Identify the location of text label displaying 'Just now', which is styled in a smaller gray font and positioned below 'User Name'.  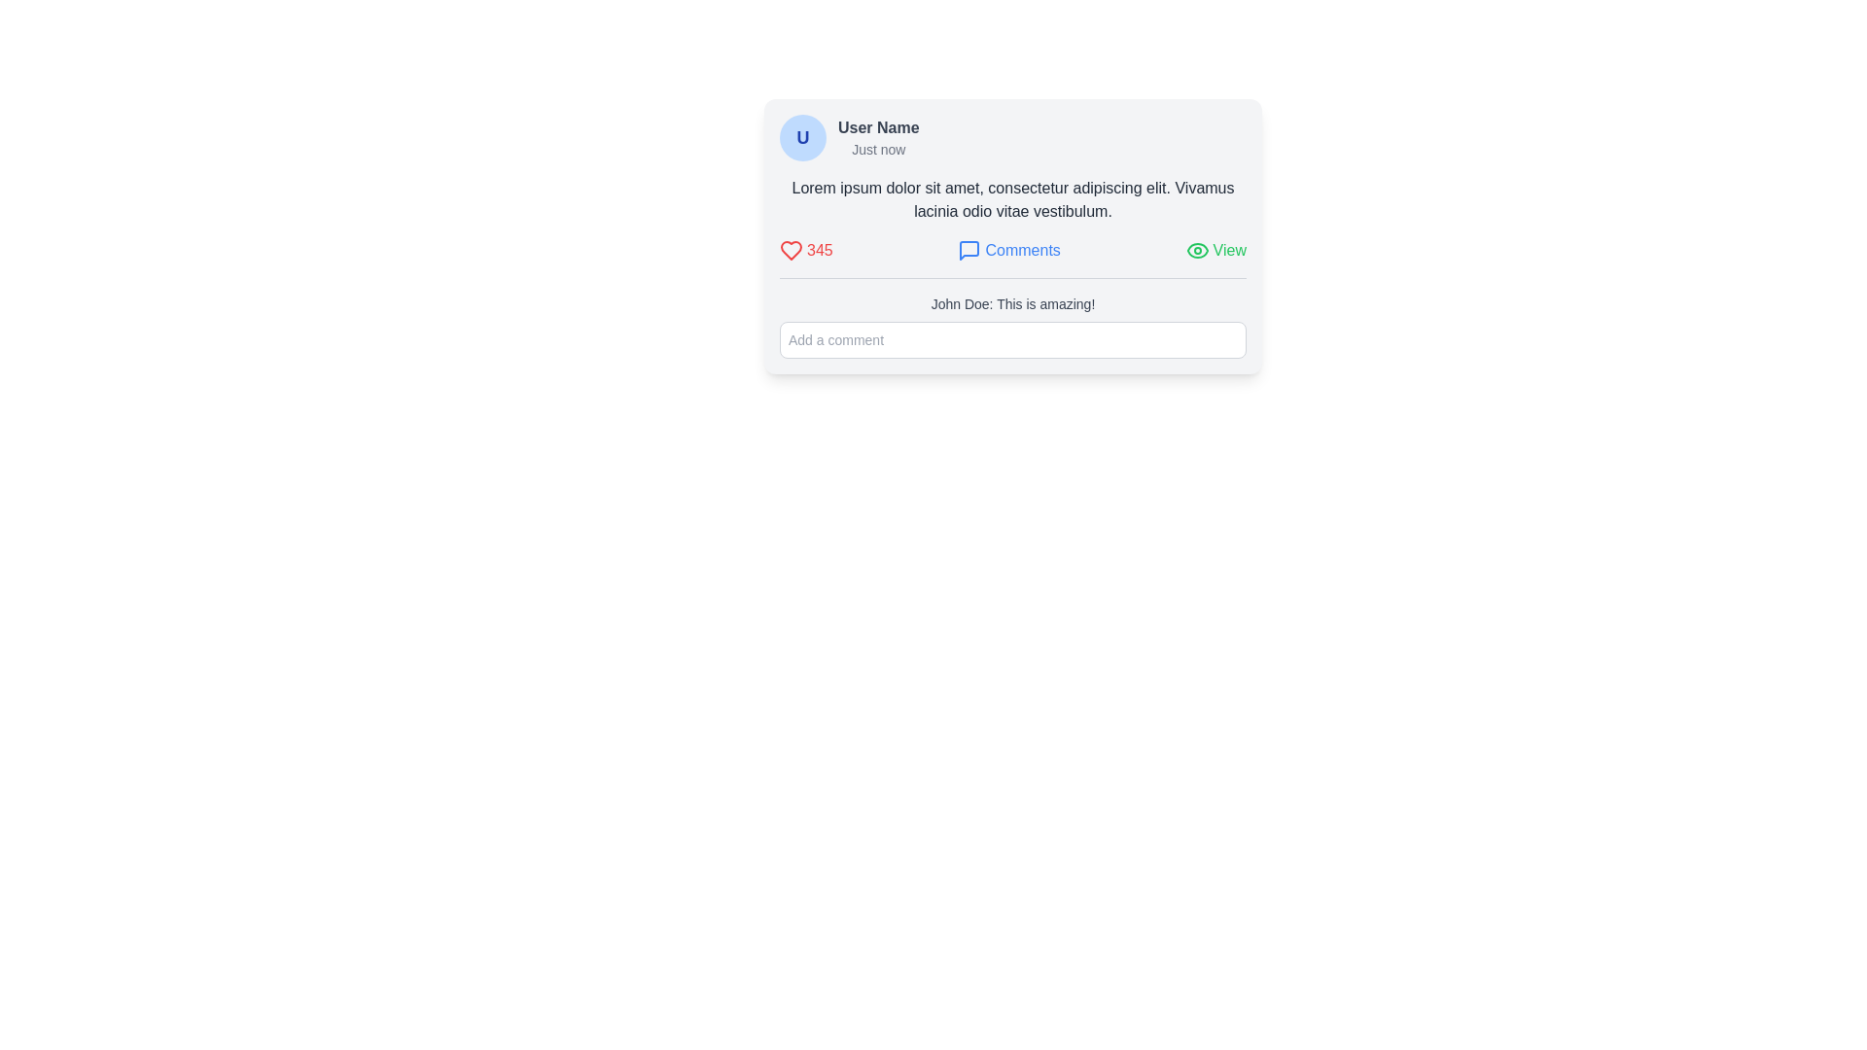
(877, 149).